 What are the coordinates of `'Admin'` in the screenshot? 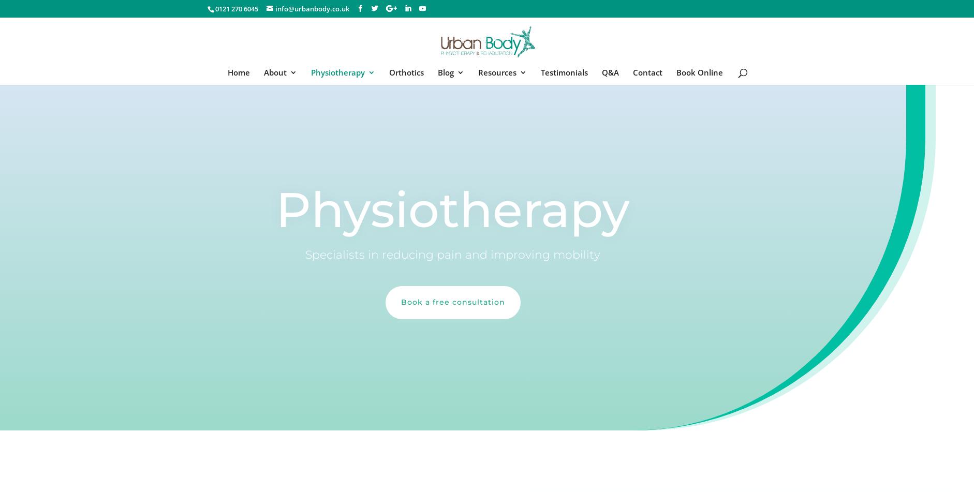 It's located at (421, 169).